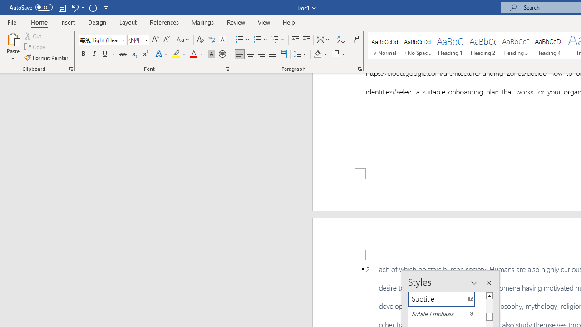 The width and height of the screenshot is (581, 327). Describe the element at coordinates (39, 22) in the screenshot. I see `'Home'` at that location.